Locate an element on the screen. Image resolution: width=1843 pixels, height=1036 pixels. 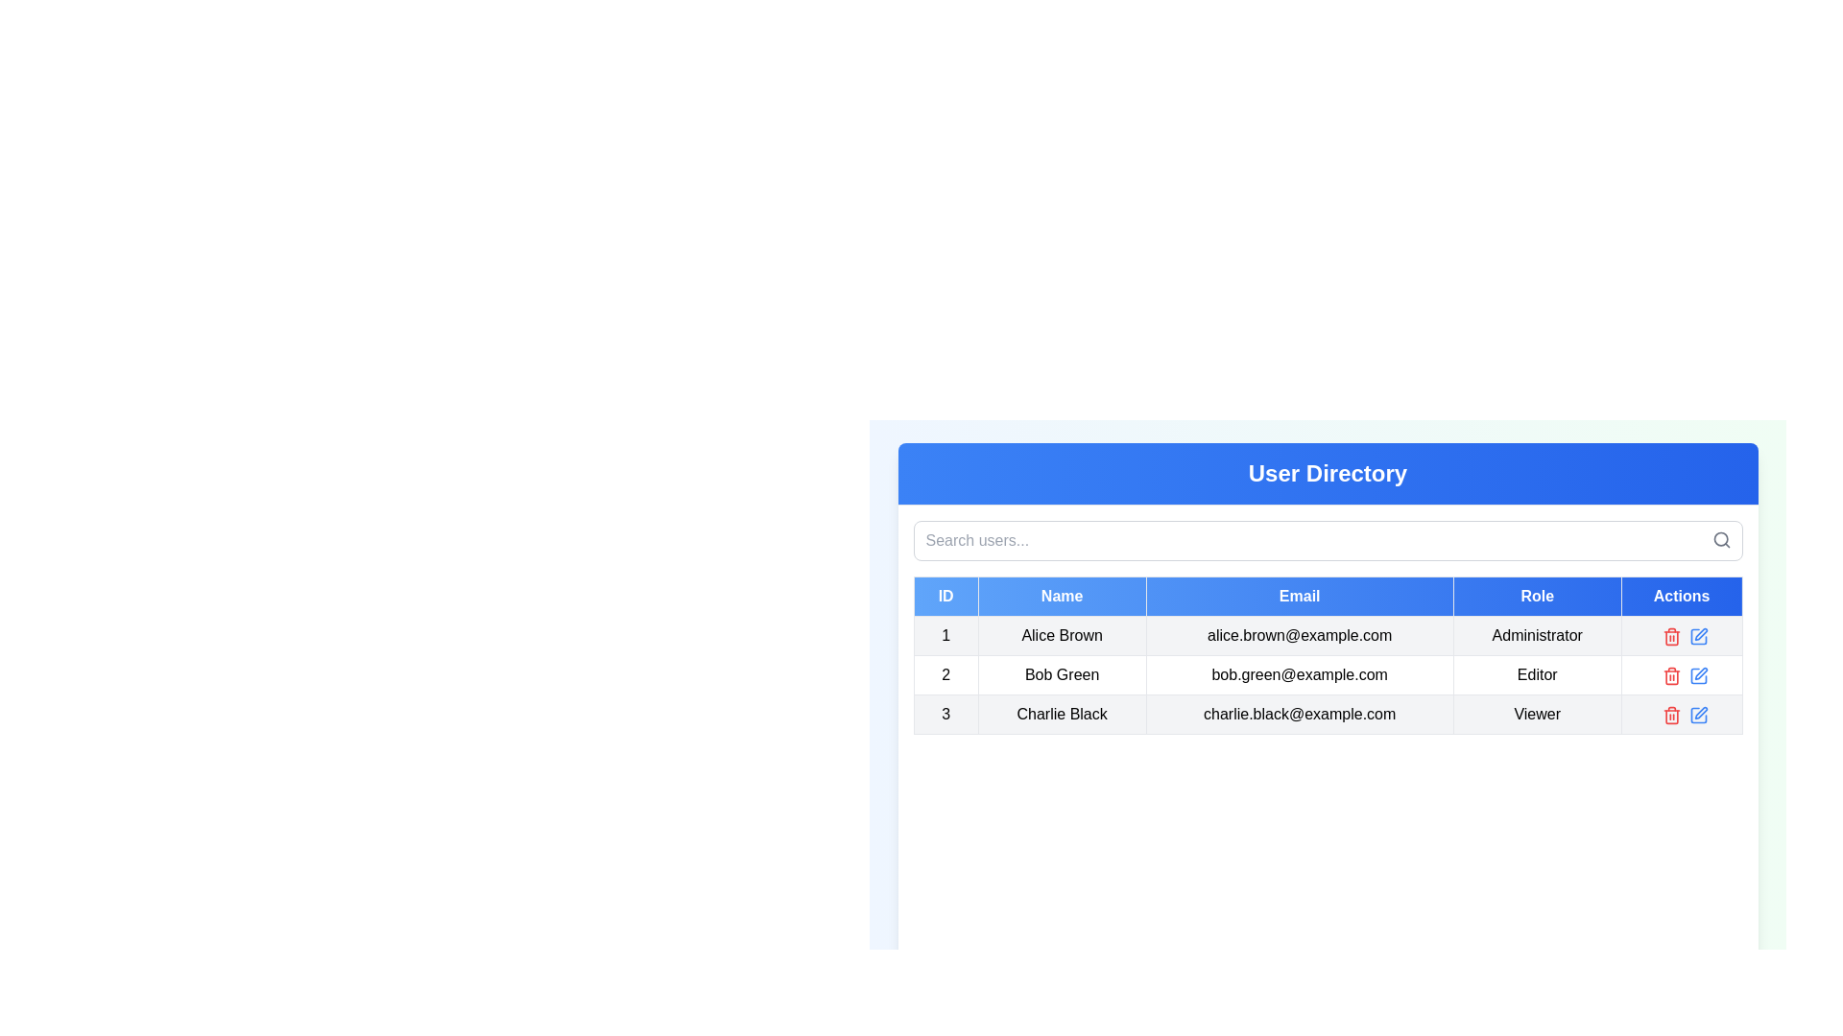
the 'Edit' icon button resembling a pen inside a square, located in the 'Actions' column of the third row of the user data table is located at coordinates (1699, 636).